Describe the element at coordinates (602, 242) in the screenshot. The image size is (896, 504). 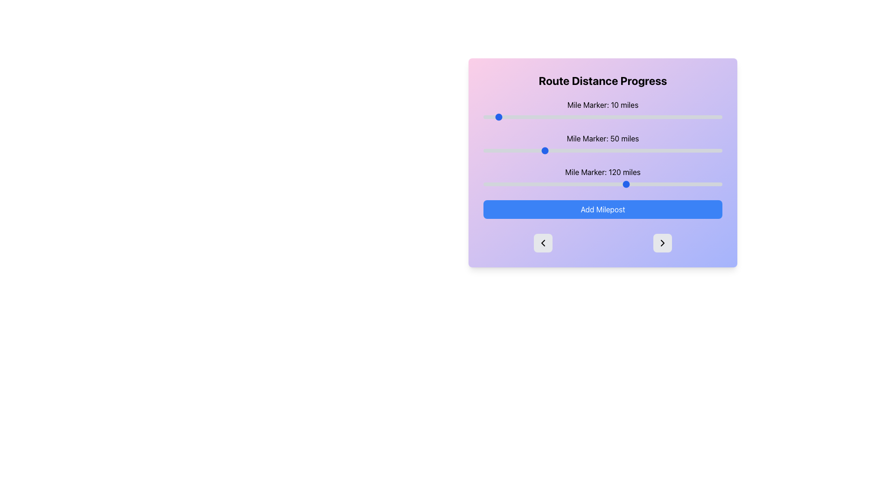
I see `the right arrow in the Button Group located at the bottom of the 'Route Distance Progress' card` at that location.